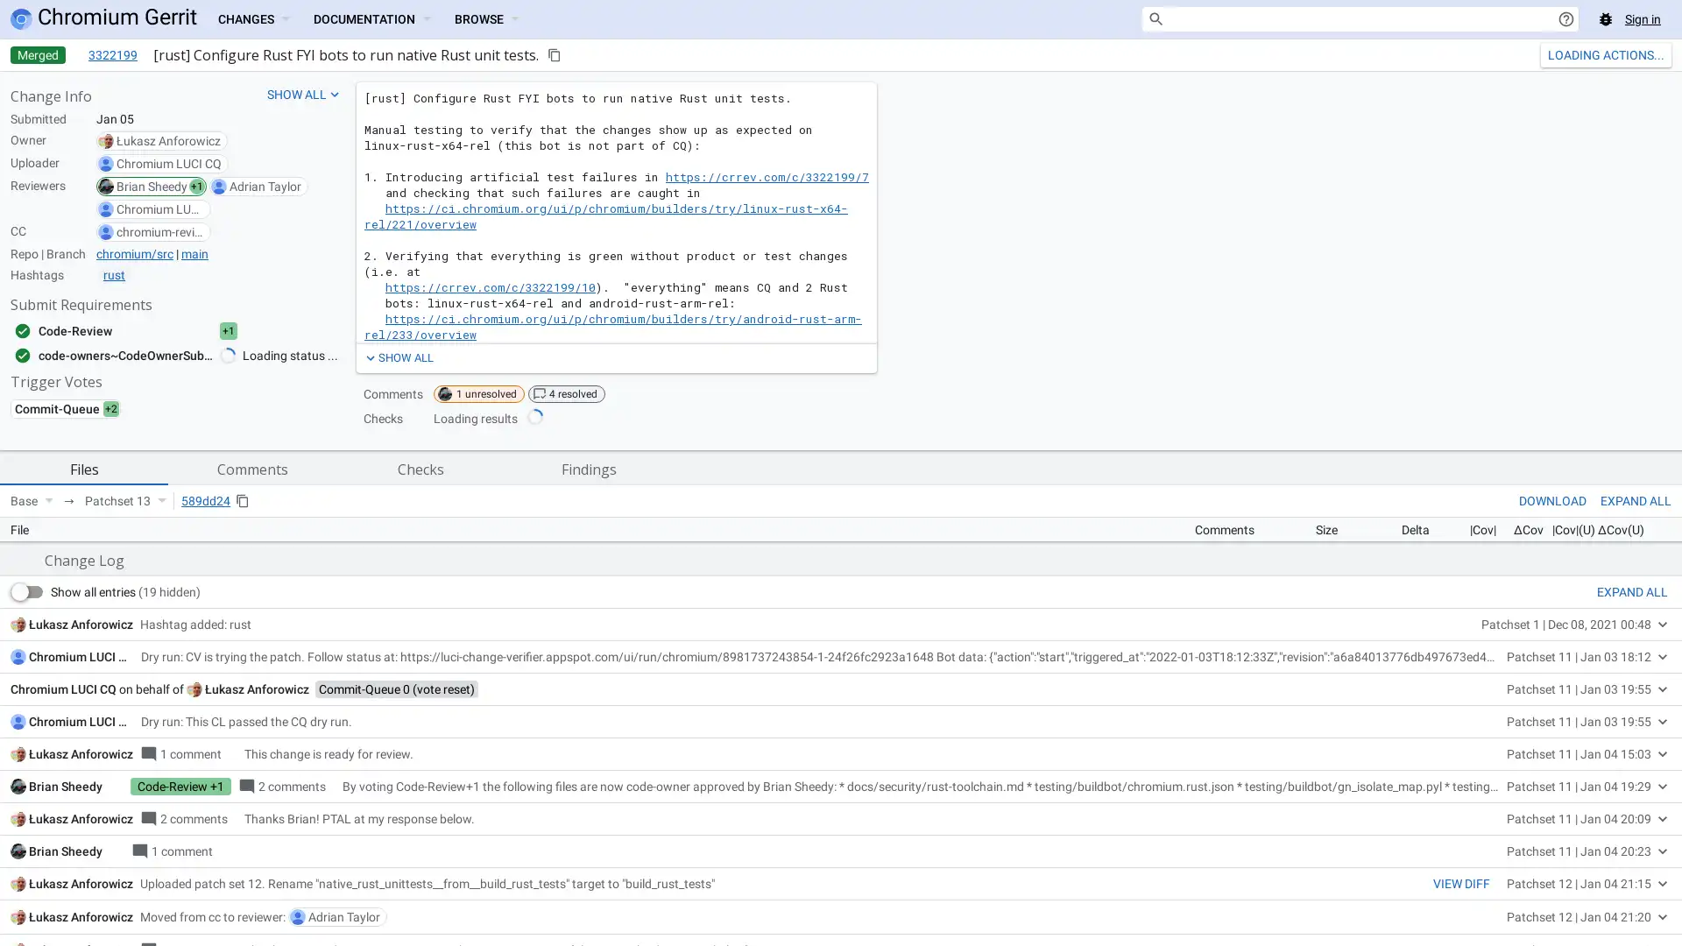  What do you see at coordinates (554, 53) in the screenshot?
I see `Click to copy to clipboard` at bounding box center [554, 53].